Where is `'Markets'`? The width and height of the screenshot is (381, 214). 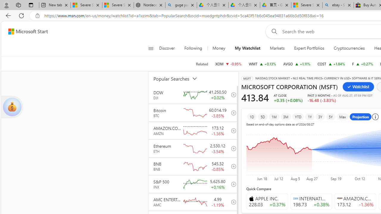 'Markets' is located at coordinates (277, 48).